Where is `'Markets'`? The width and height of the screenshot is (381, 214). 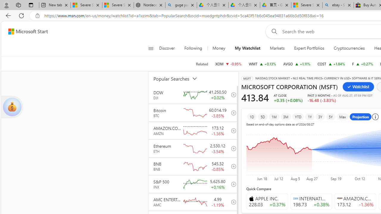 'Markets' is located at coordinates (277, 48).